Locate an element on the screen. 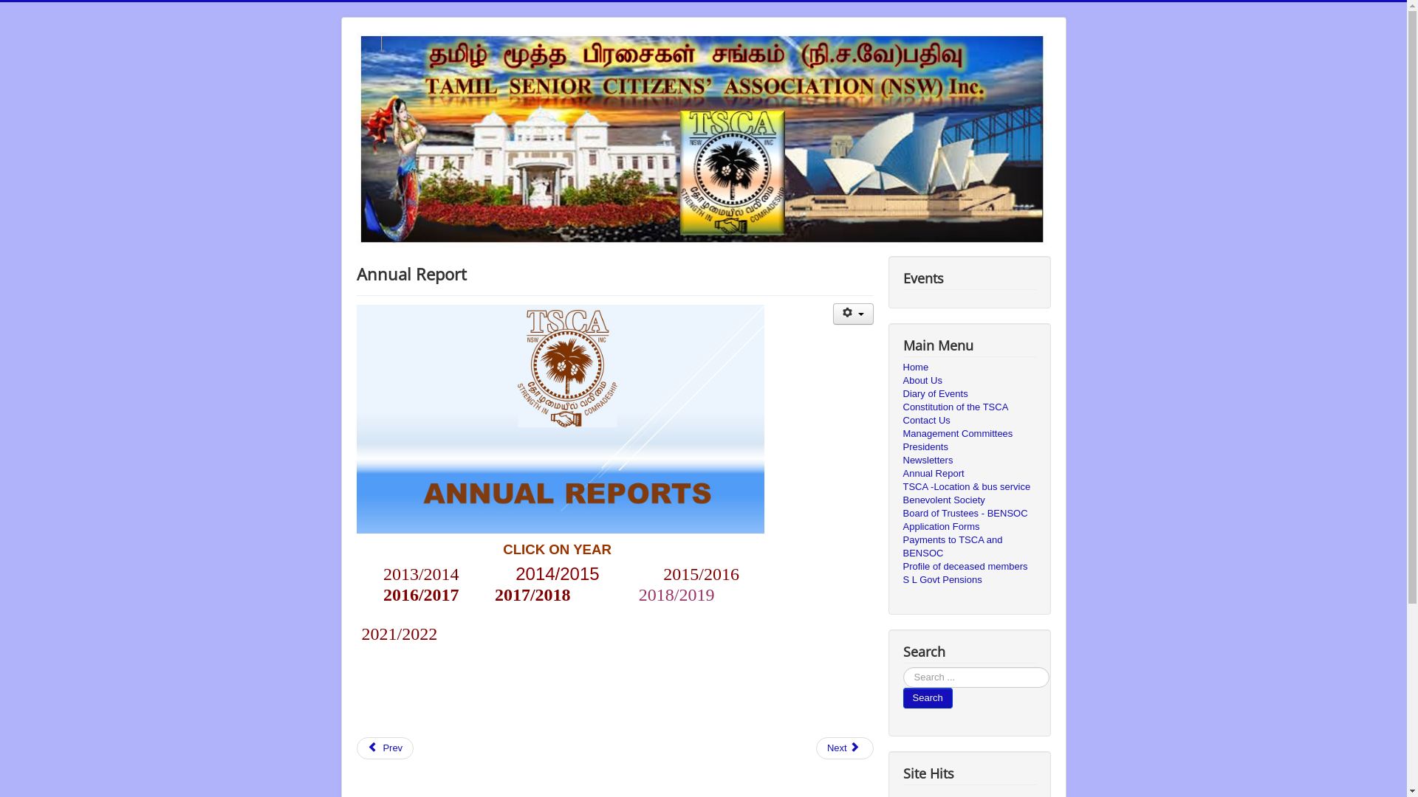 Image resolution: width=1418 pixels, height=797 pixels. 'Contact Us' is located at coordinates (968, 421).